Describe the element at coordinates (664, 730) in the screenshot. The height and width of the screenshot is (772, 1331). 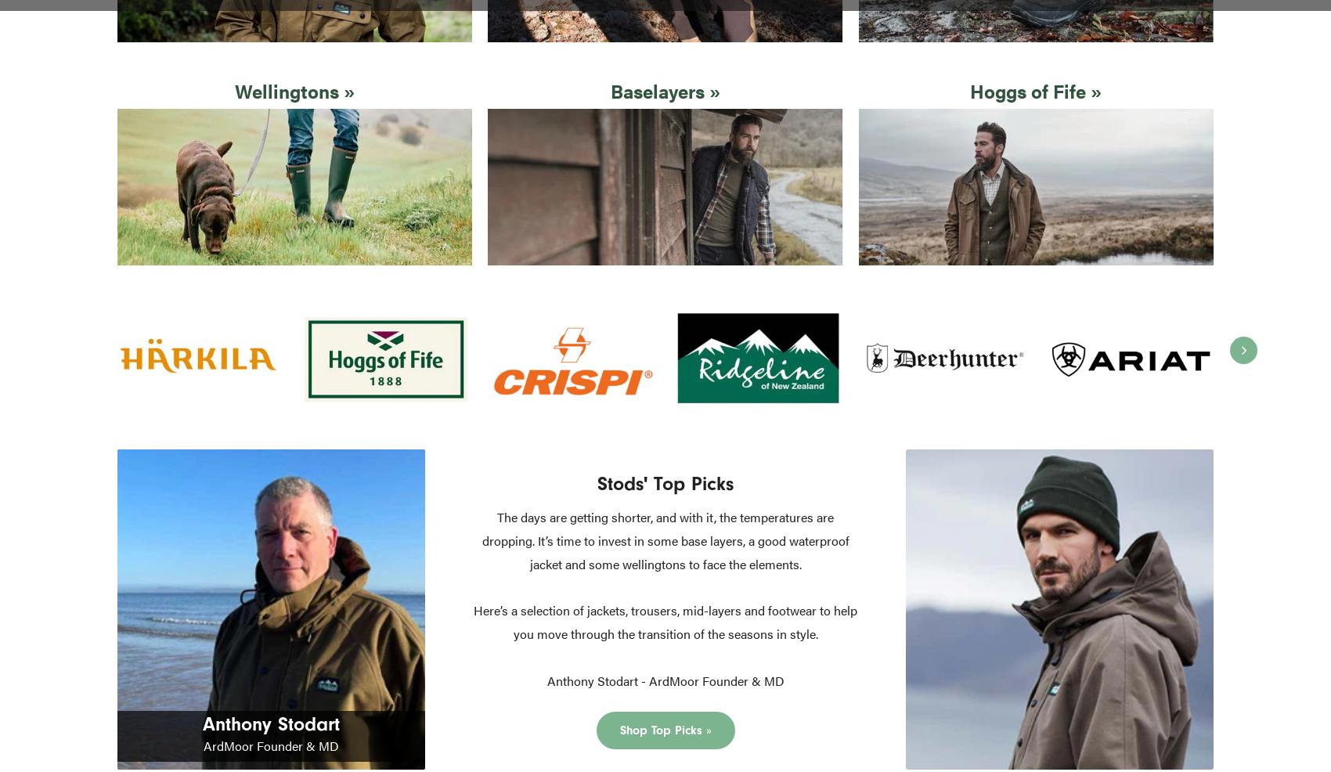
I see `'Shop Top Picks »'` at that location.